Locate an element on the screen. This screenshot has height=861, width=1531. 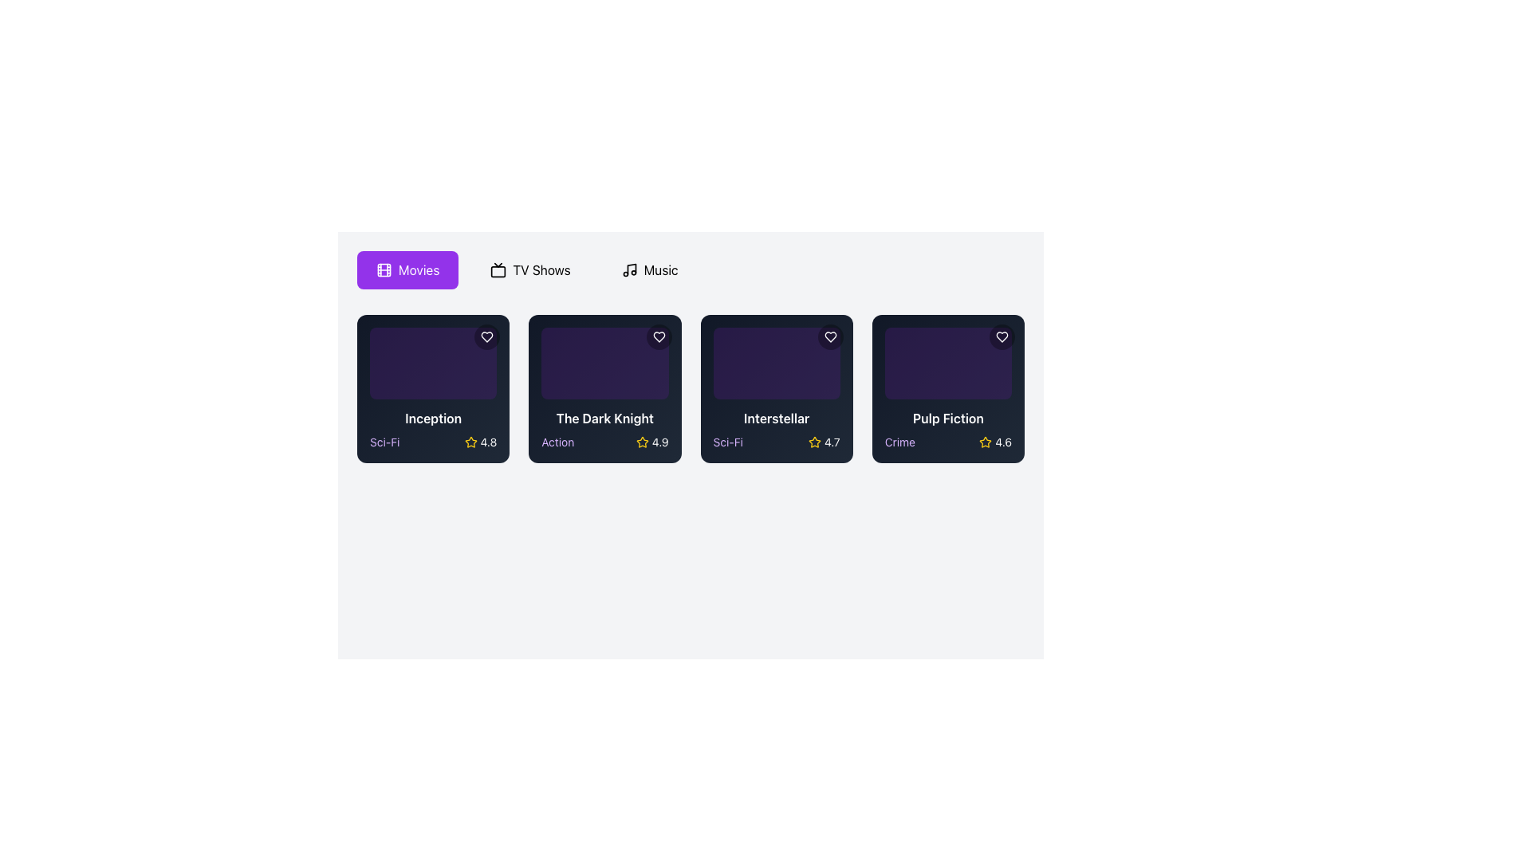
the text label displaying 'Sci-Fi' in a small-sized purple font, located in the bottom-left area of the 'Inception' movie card is located at coordinates (384, 442).